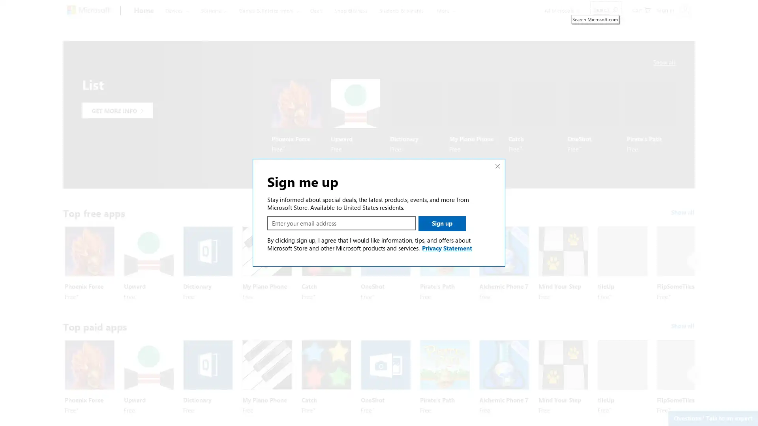 The height and width of the screenshot is (426, 758). What do you see at coordinates (497, 166) in the screenshot?
I see `Close` at bounding box center [497, 166].